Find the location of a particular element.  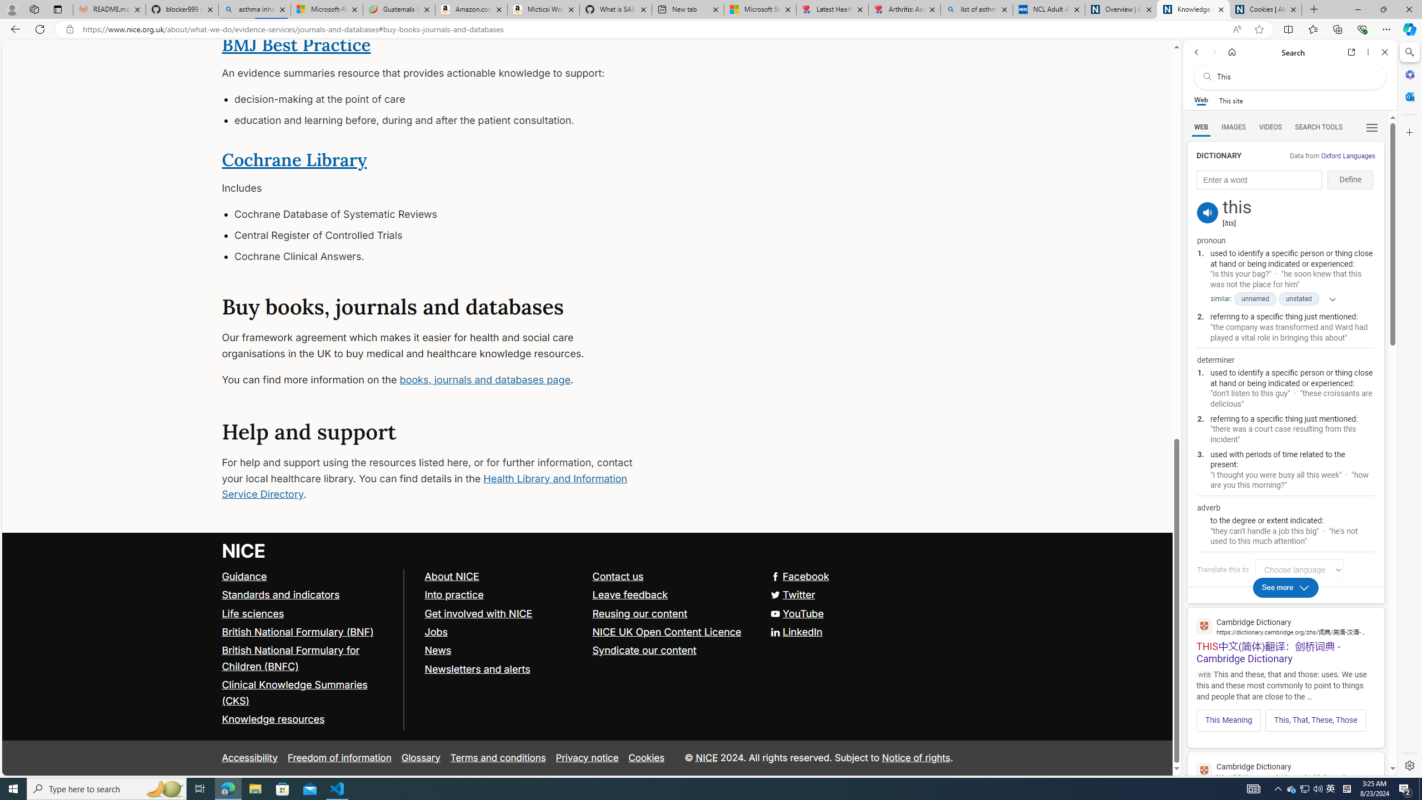

'Search' is located at coordinates (1408, 52).